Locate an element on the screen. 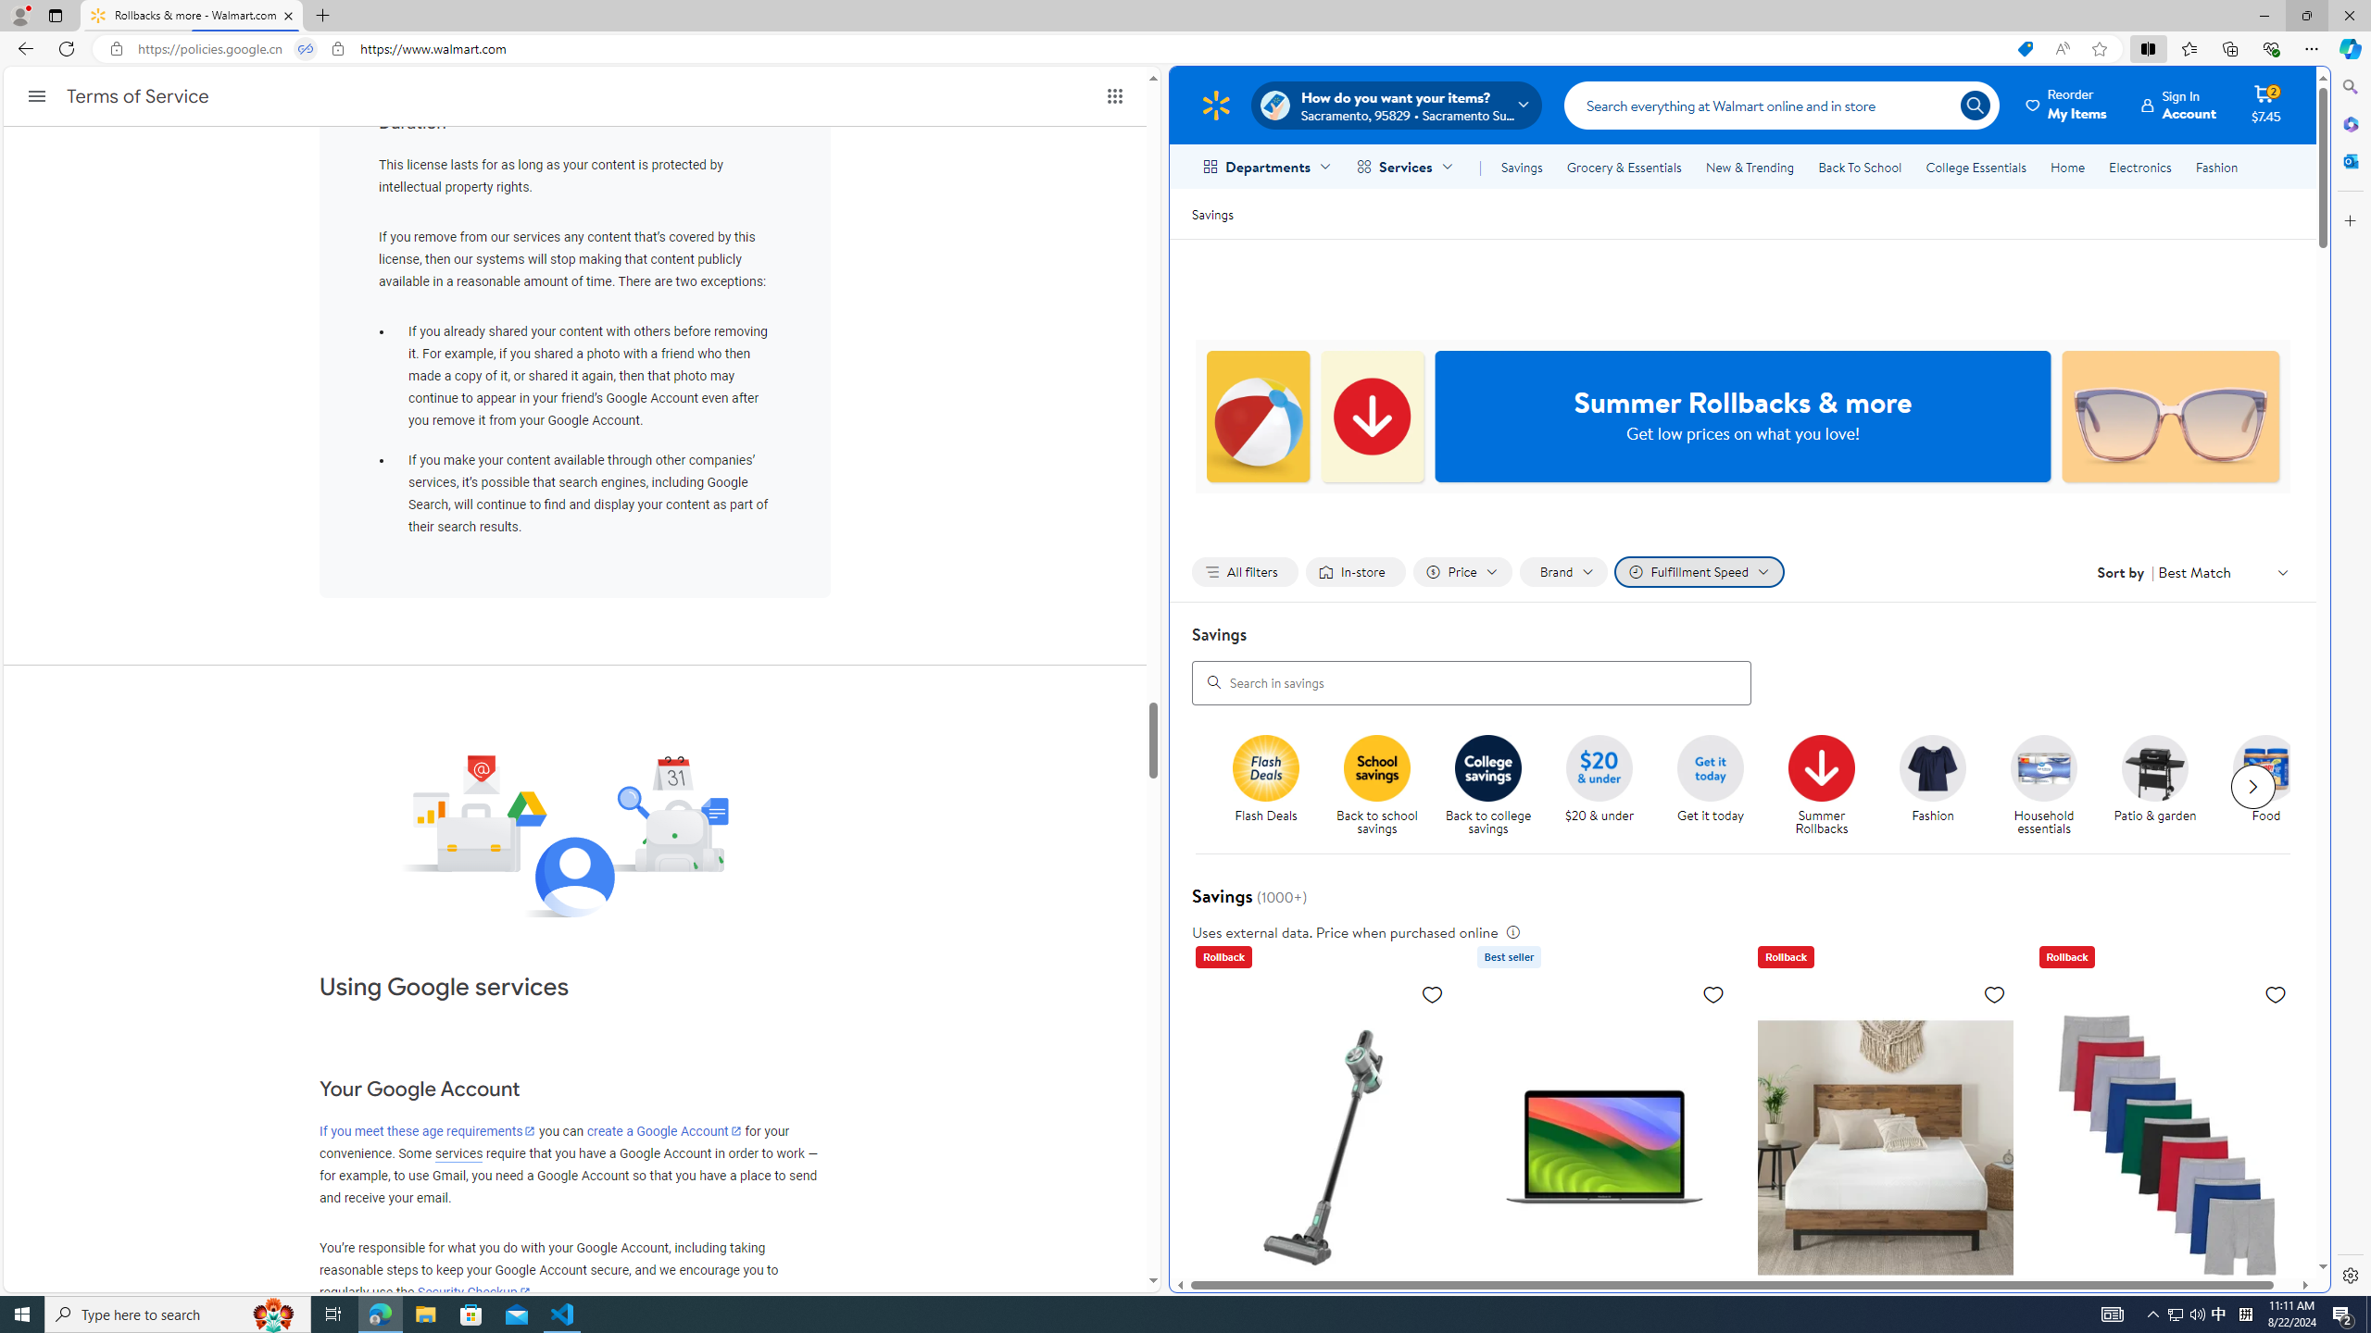 The height and width of the screenshot is (1333, 2371). 'Household essentials' is located at coordinates (2051, 786).